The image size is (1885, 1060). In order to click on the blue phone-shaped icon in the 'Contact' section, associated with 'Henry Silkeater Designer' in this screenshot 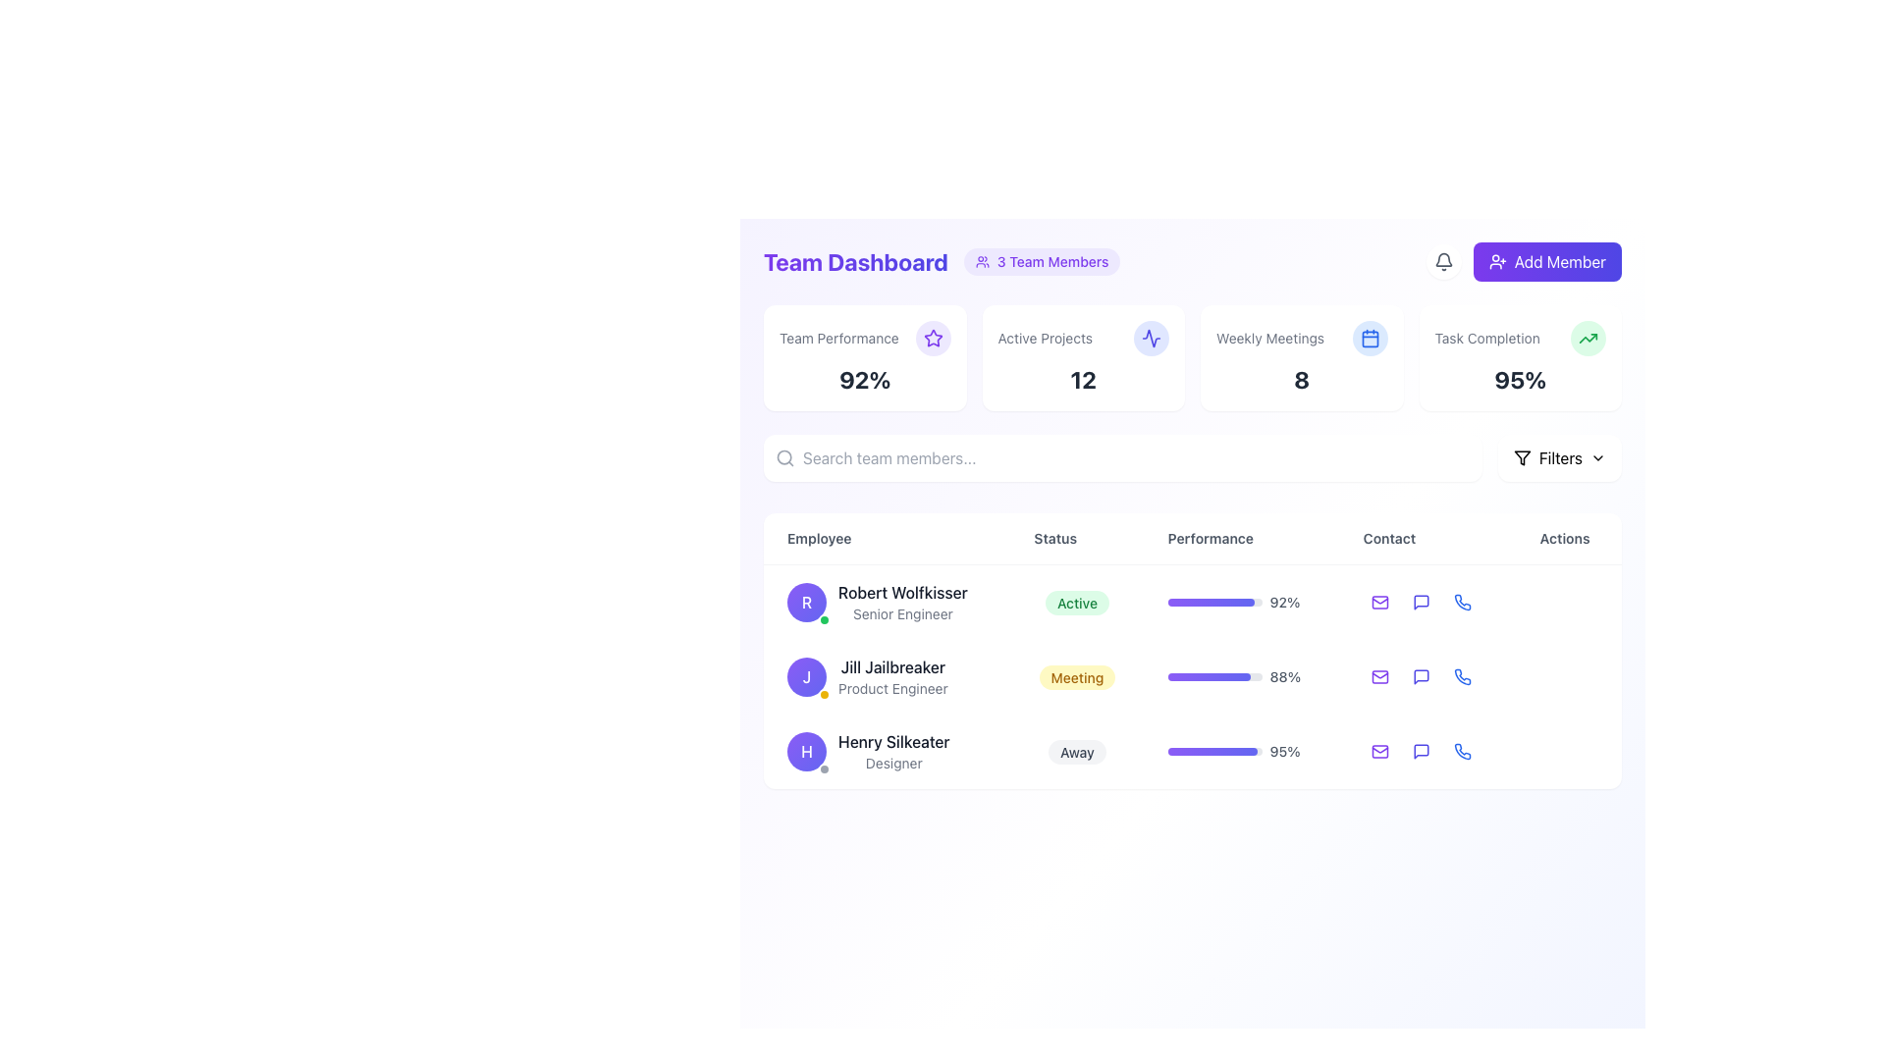, I will do `click(1462, 676)`.